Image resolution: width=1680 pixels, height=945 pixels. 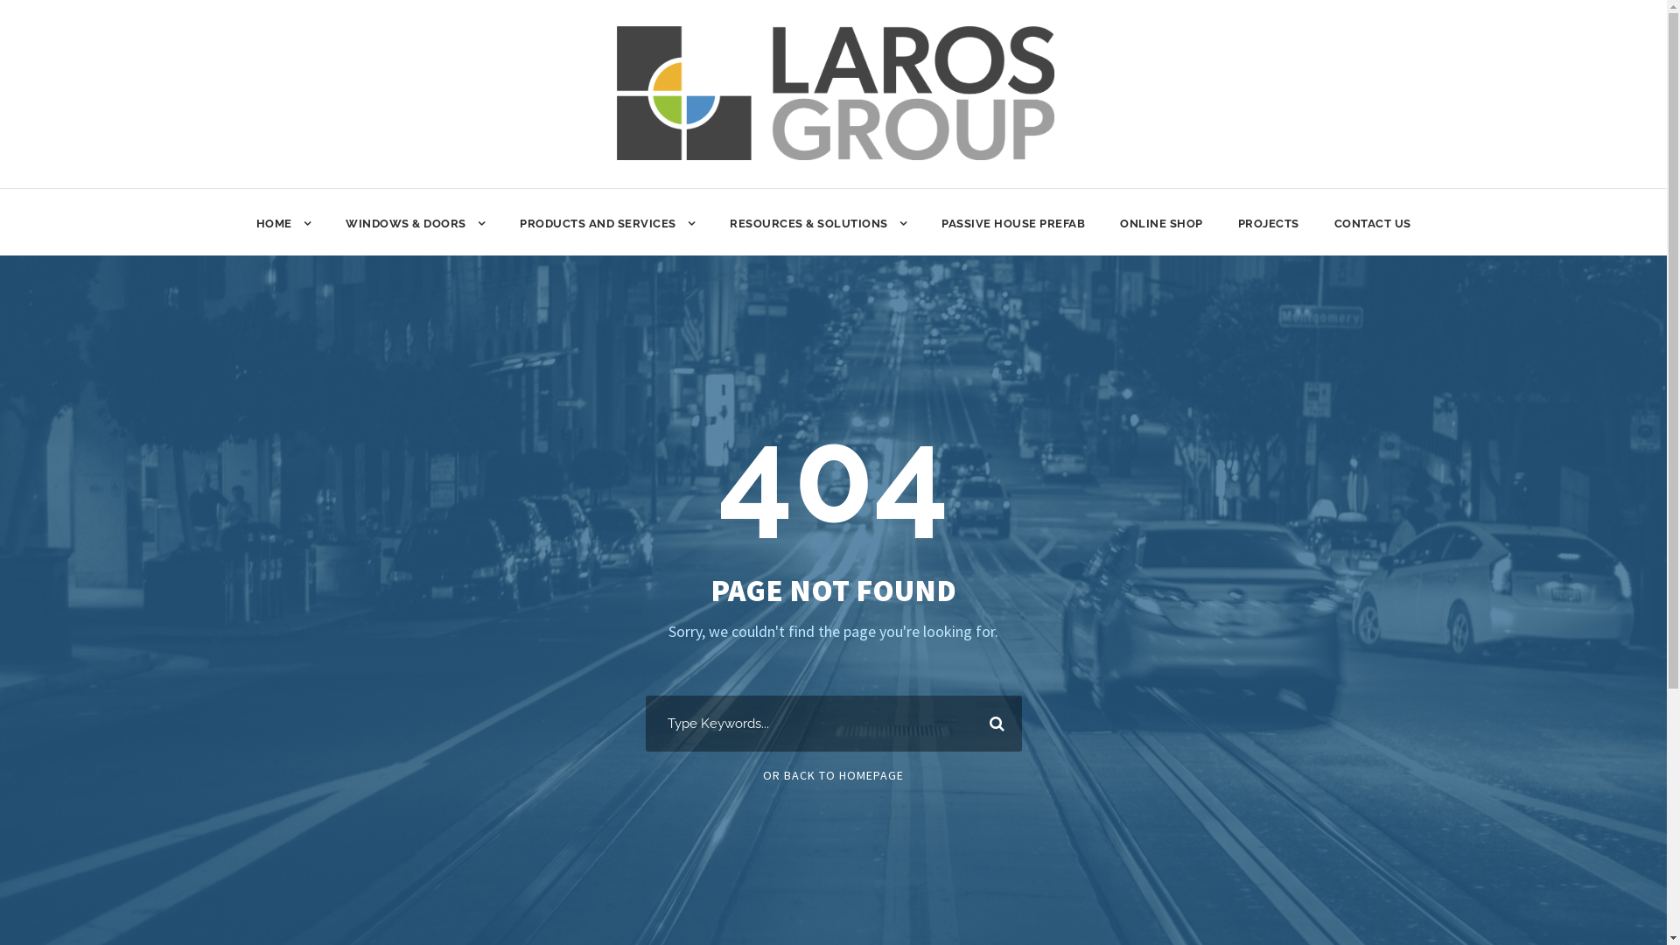 What do you see at coordinates (835, 93) in the screenshot?
I see `'LAROSGroup_Logo_Primary_Large'` at bounding box center [835, 93].